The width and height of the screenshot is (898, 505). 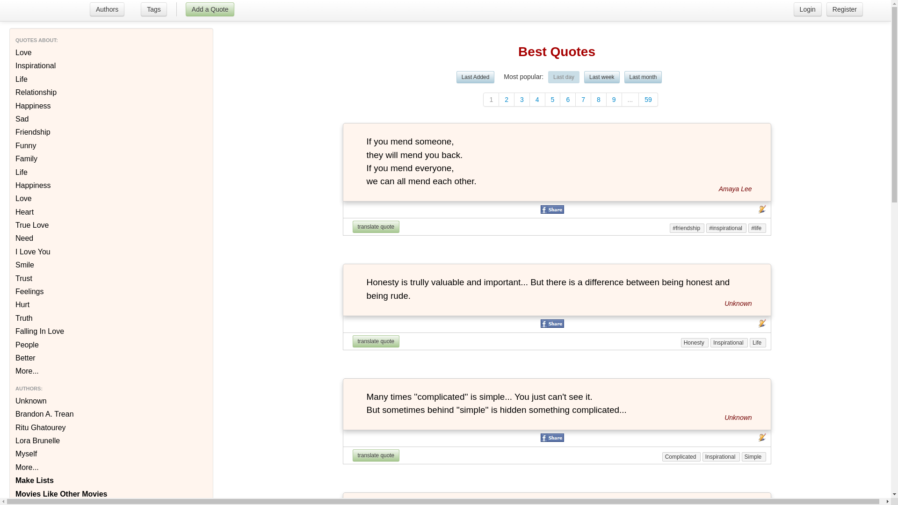 What do you see at coordinates (718, 189) in the screenshot?
I see `'Amaya Lee'` at bounding box center [718, 189].